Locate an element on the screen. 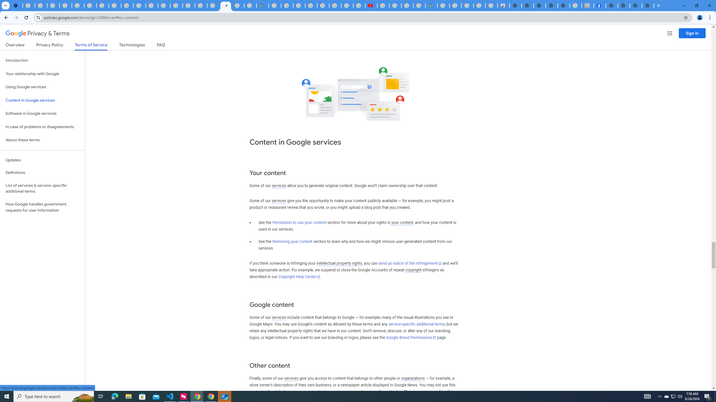 The width and height of the screenshot is (716, 402). 'Google Brand Permissions' is located at coordinates (411, 337).